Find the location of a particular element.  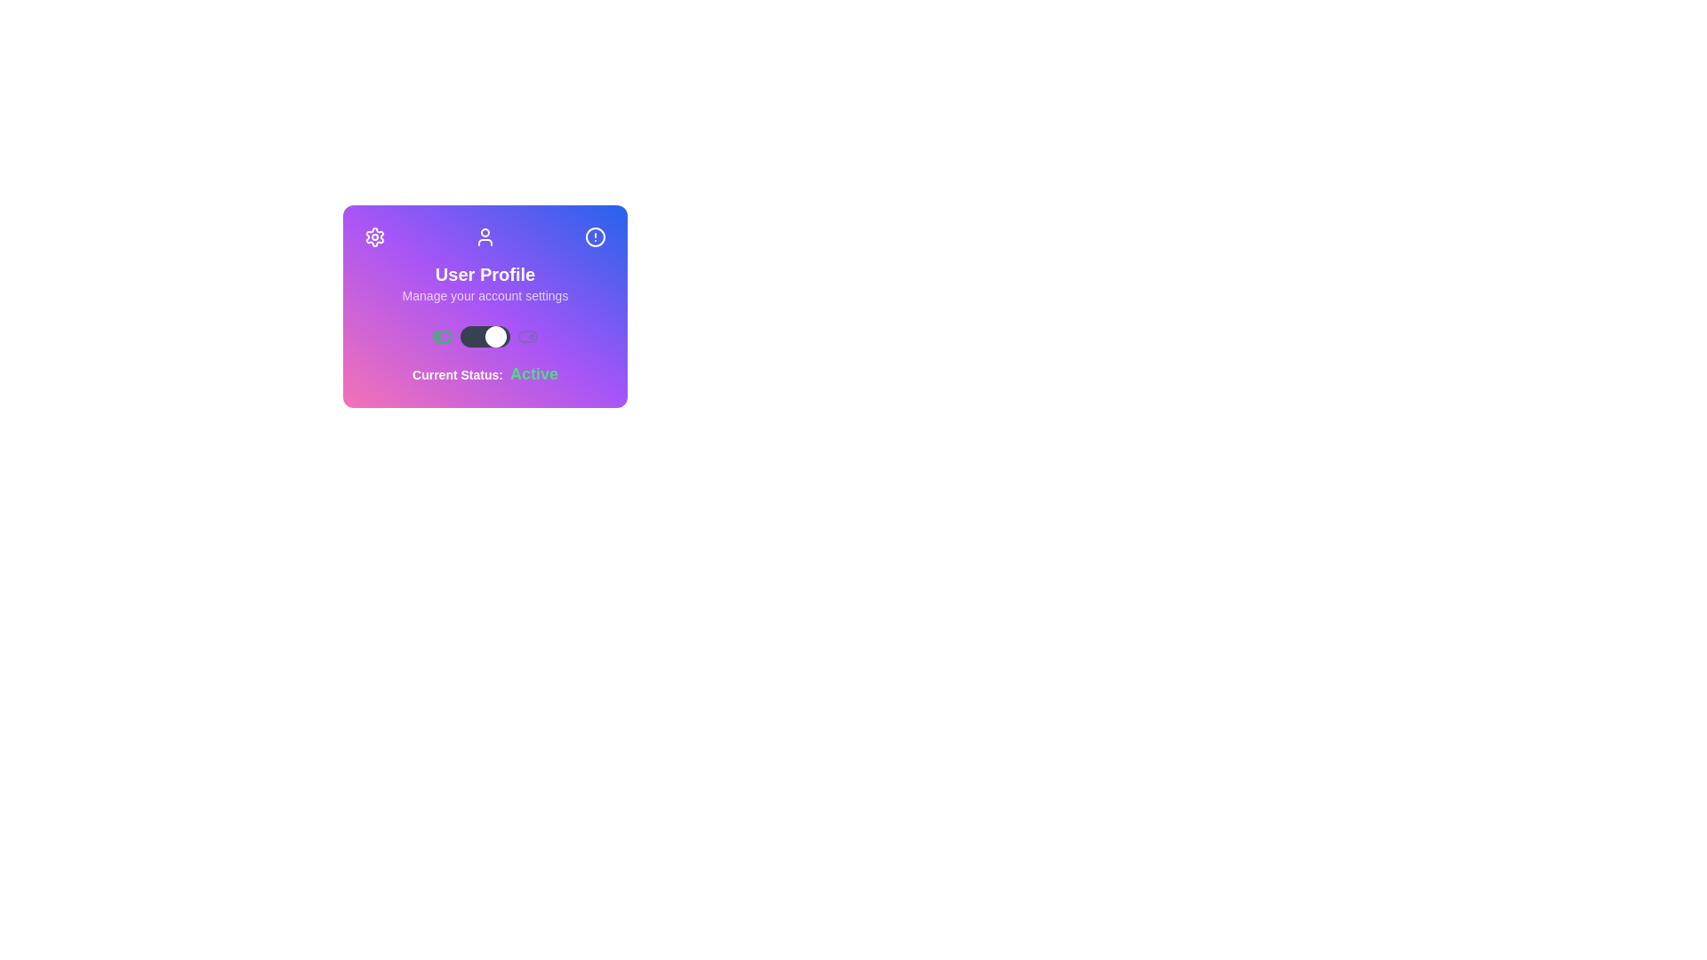

the text label displaying 'Current Status:' located in the bottom-left part of the 'User Profile' card is located at coordinates (457, 373).